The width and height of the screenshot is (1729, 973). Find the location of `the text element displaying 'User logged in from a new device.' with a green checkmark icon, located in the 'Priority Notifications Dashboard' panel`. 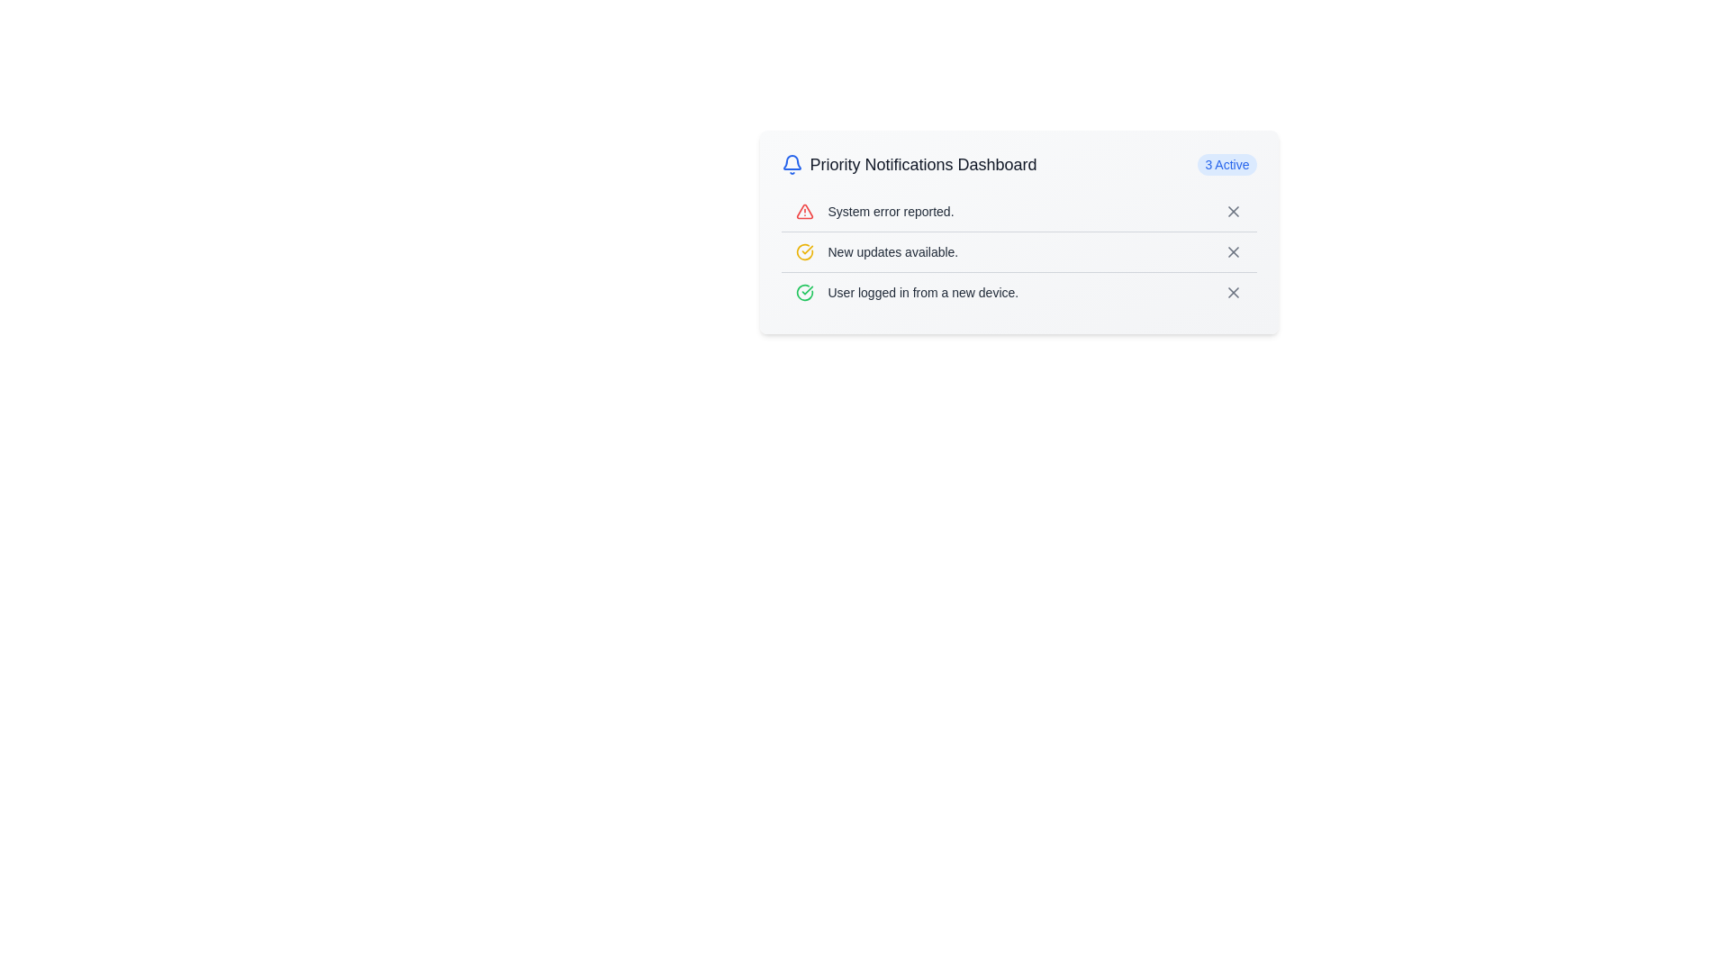

the text element displaying 'User logged in from a new device.' with a green checkmark icon, located in the 'Priority Notifications Dashboard' panel is located at coordinates (907, 291).